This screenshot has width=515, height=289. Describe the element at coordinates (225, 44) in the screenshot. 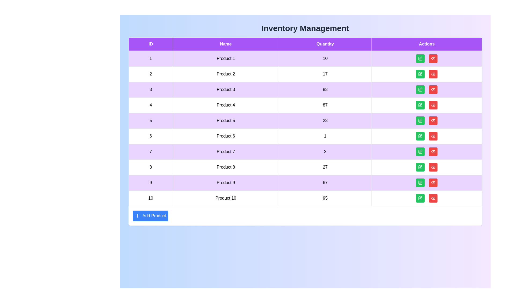

I see `the header of the column Name to sort the table by that column` at that location.